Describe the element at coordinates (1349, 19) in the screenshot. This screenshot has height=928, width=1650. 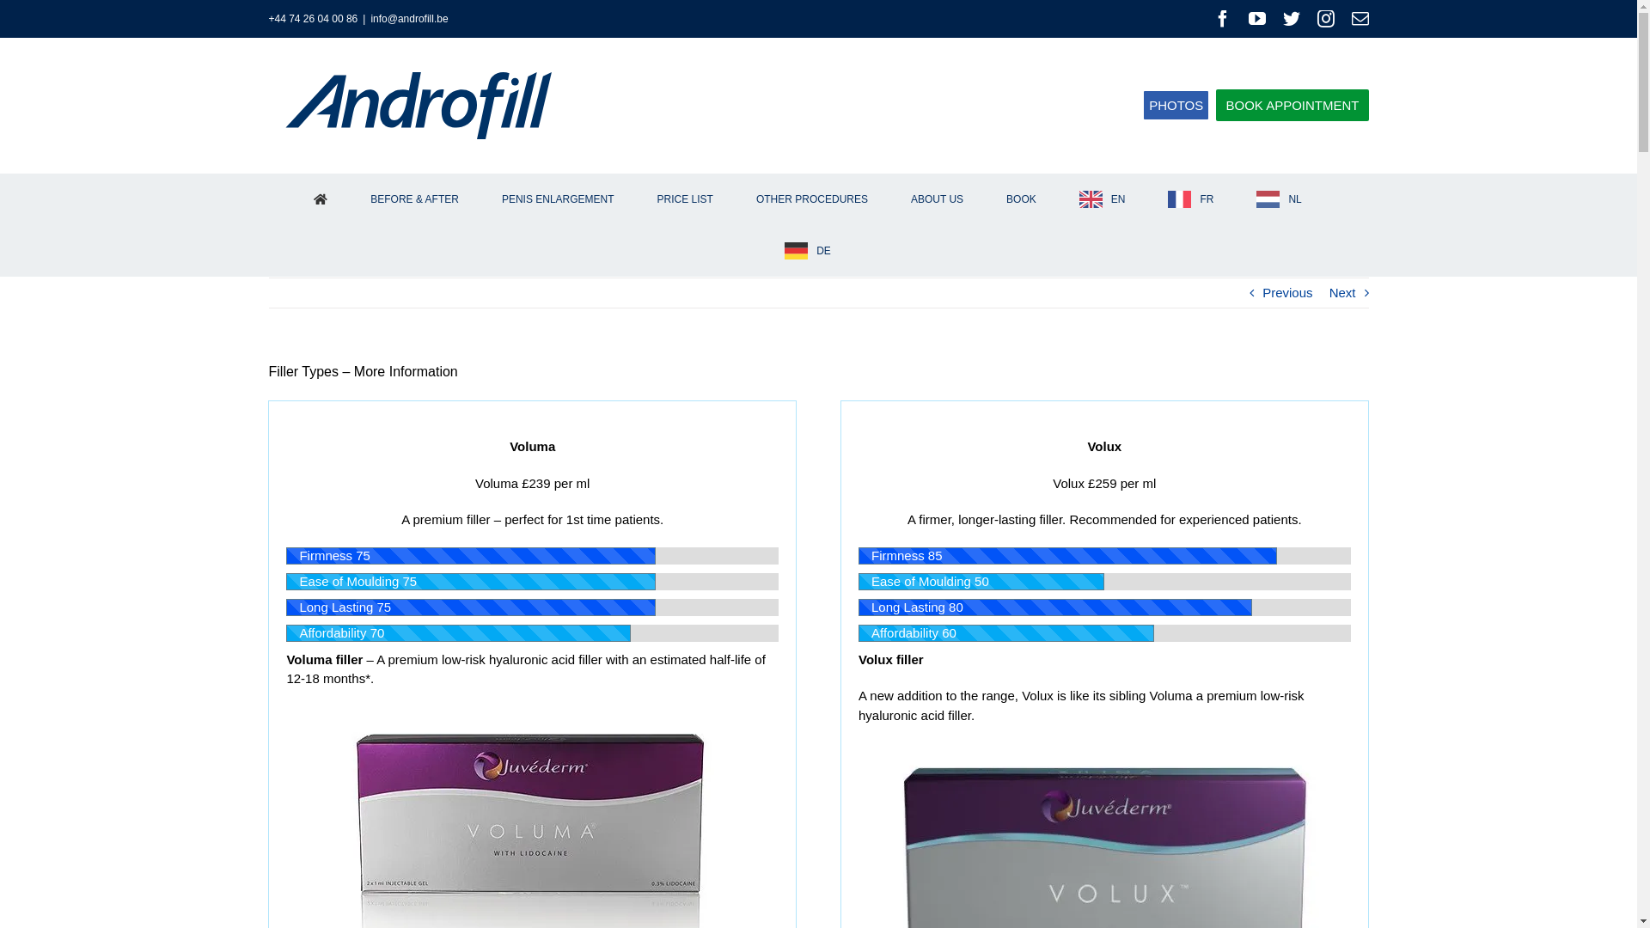
I see `'Email'` at that location.